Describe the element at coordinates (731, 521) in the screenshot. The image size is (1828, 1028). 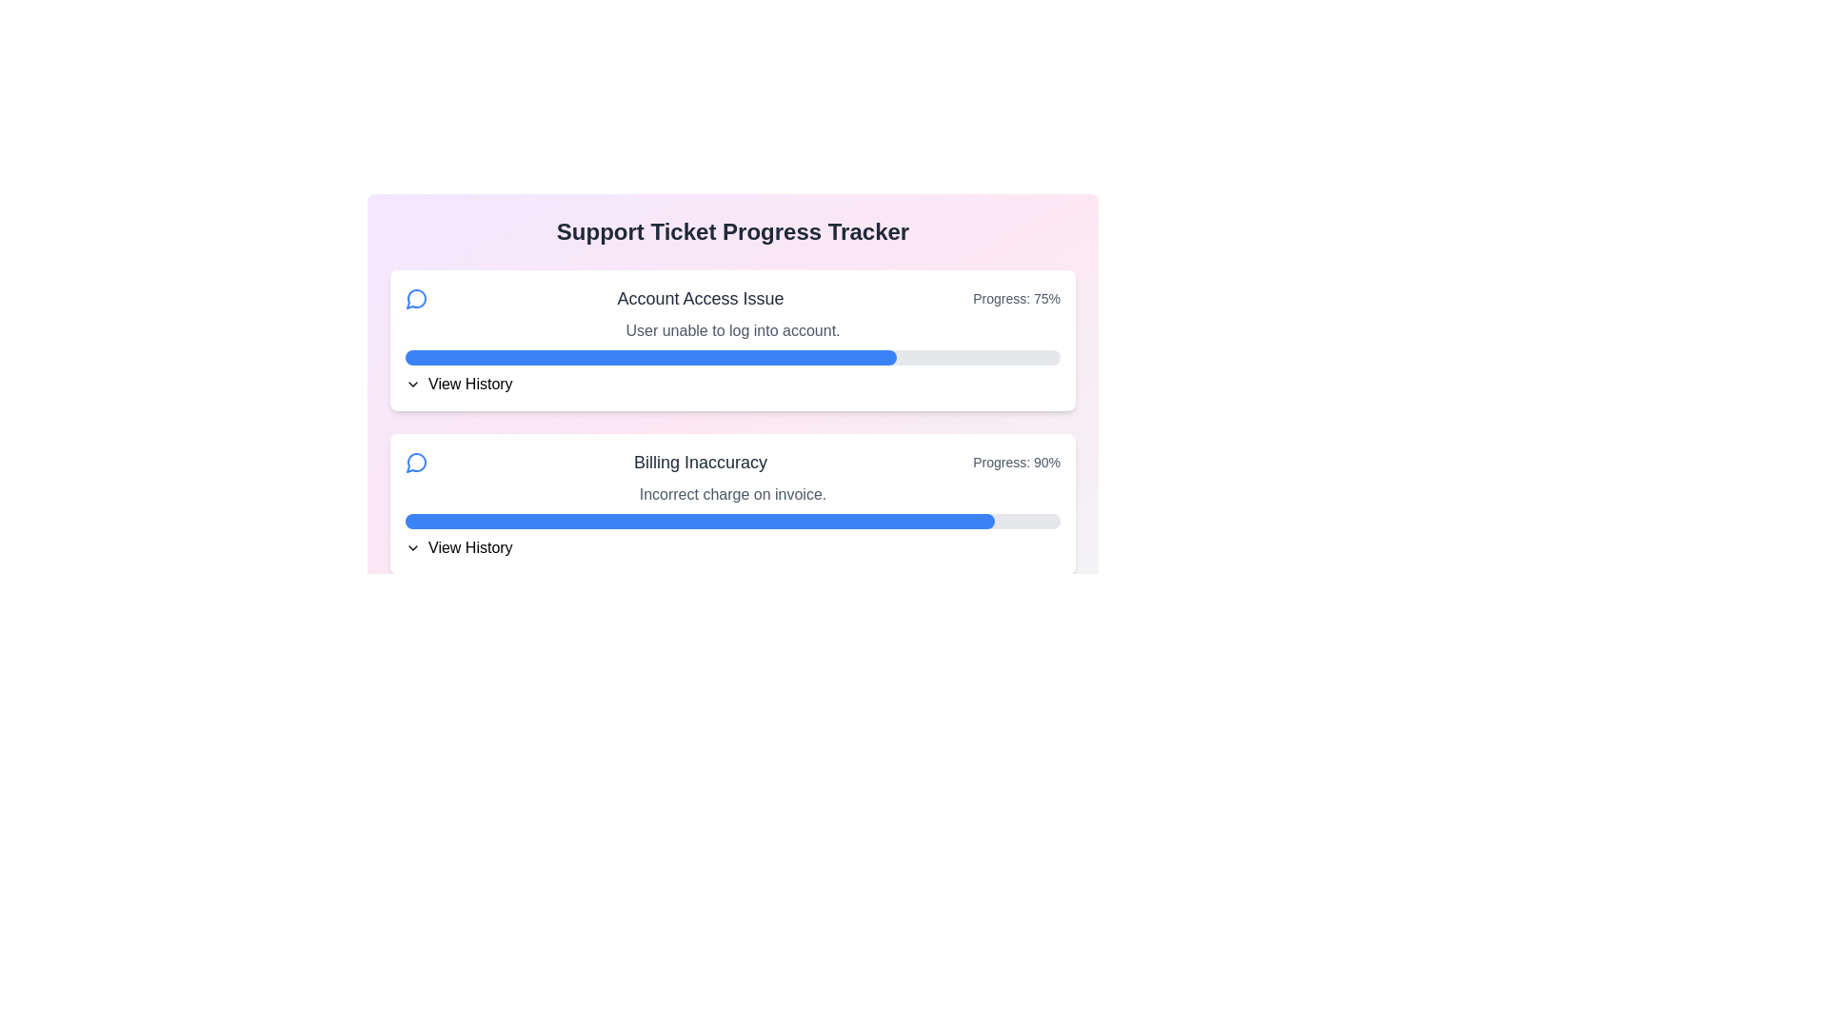
I see `the current state of the progress bar indicating 90% completion for the 'Billing Inaccuracy' issue, located below the description 'Incorrect charge on invoice.'` at that location.